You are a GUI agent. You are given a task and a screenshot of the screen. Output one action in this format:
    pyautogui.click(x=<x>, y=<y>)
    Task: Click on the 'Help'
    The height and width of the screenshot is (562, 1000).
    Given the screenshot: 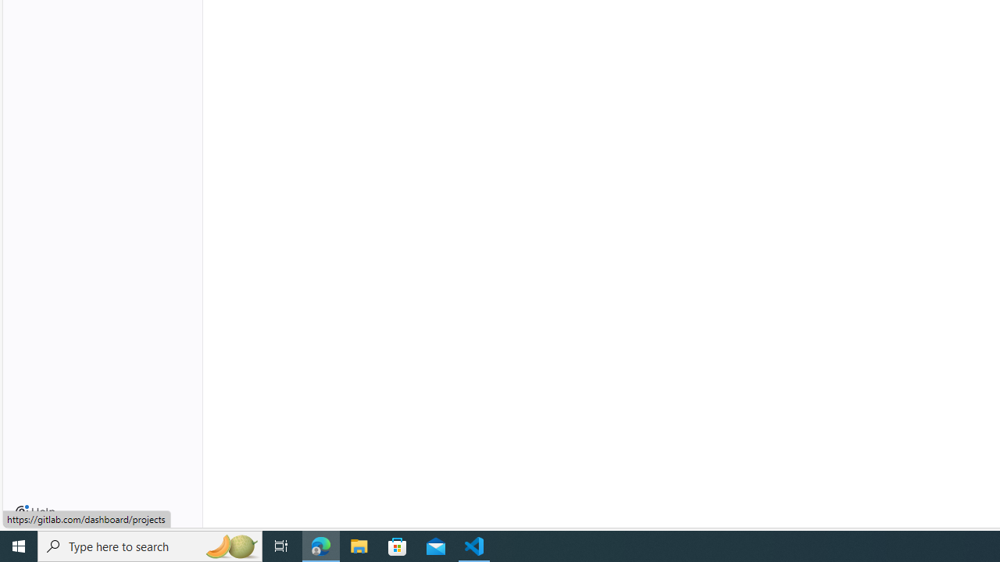 What is the action you would take?
    pyautogui.click(x=35, y=511)
    